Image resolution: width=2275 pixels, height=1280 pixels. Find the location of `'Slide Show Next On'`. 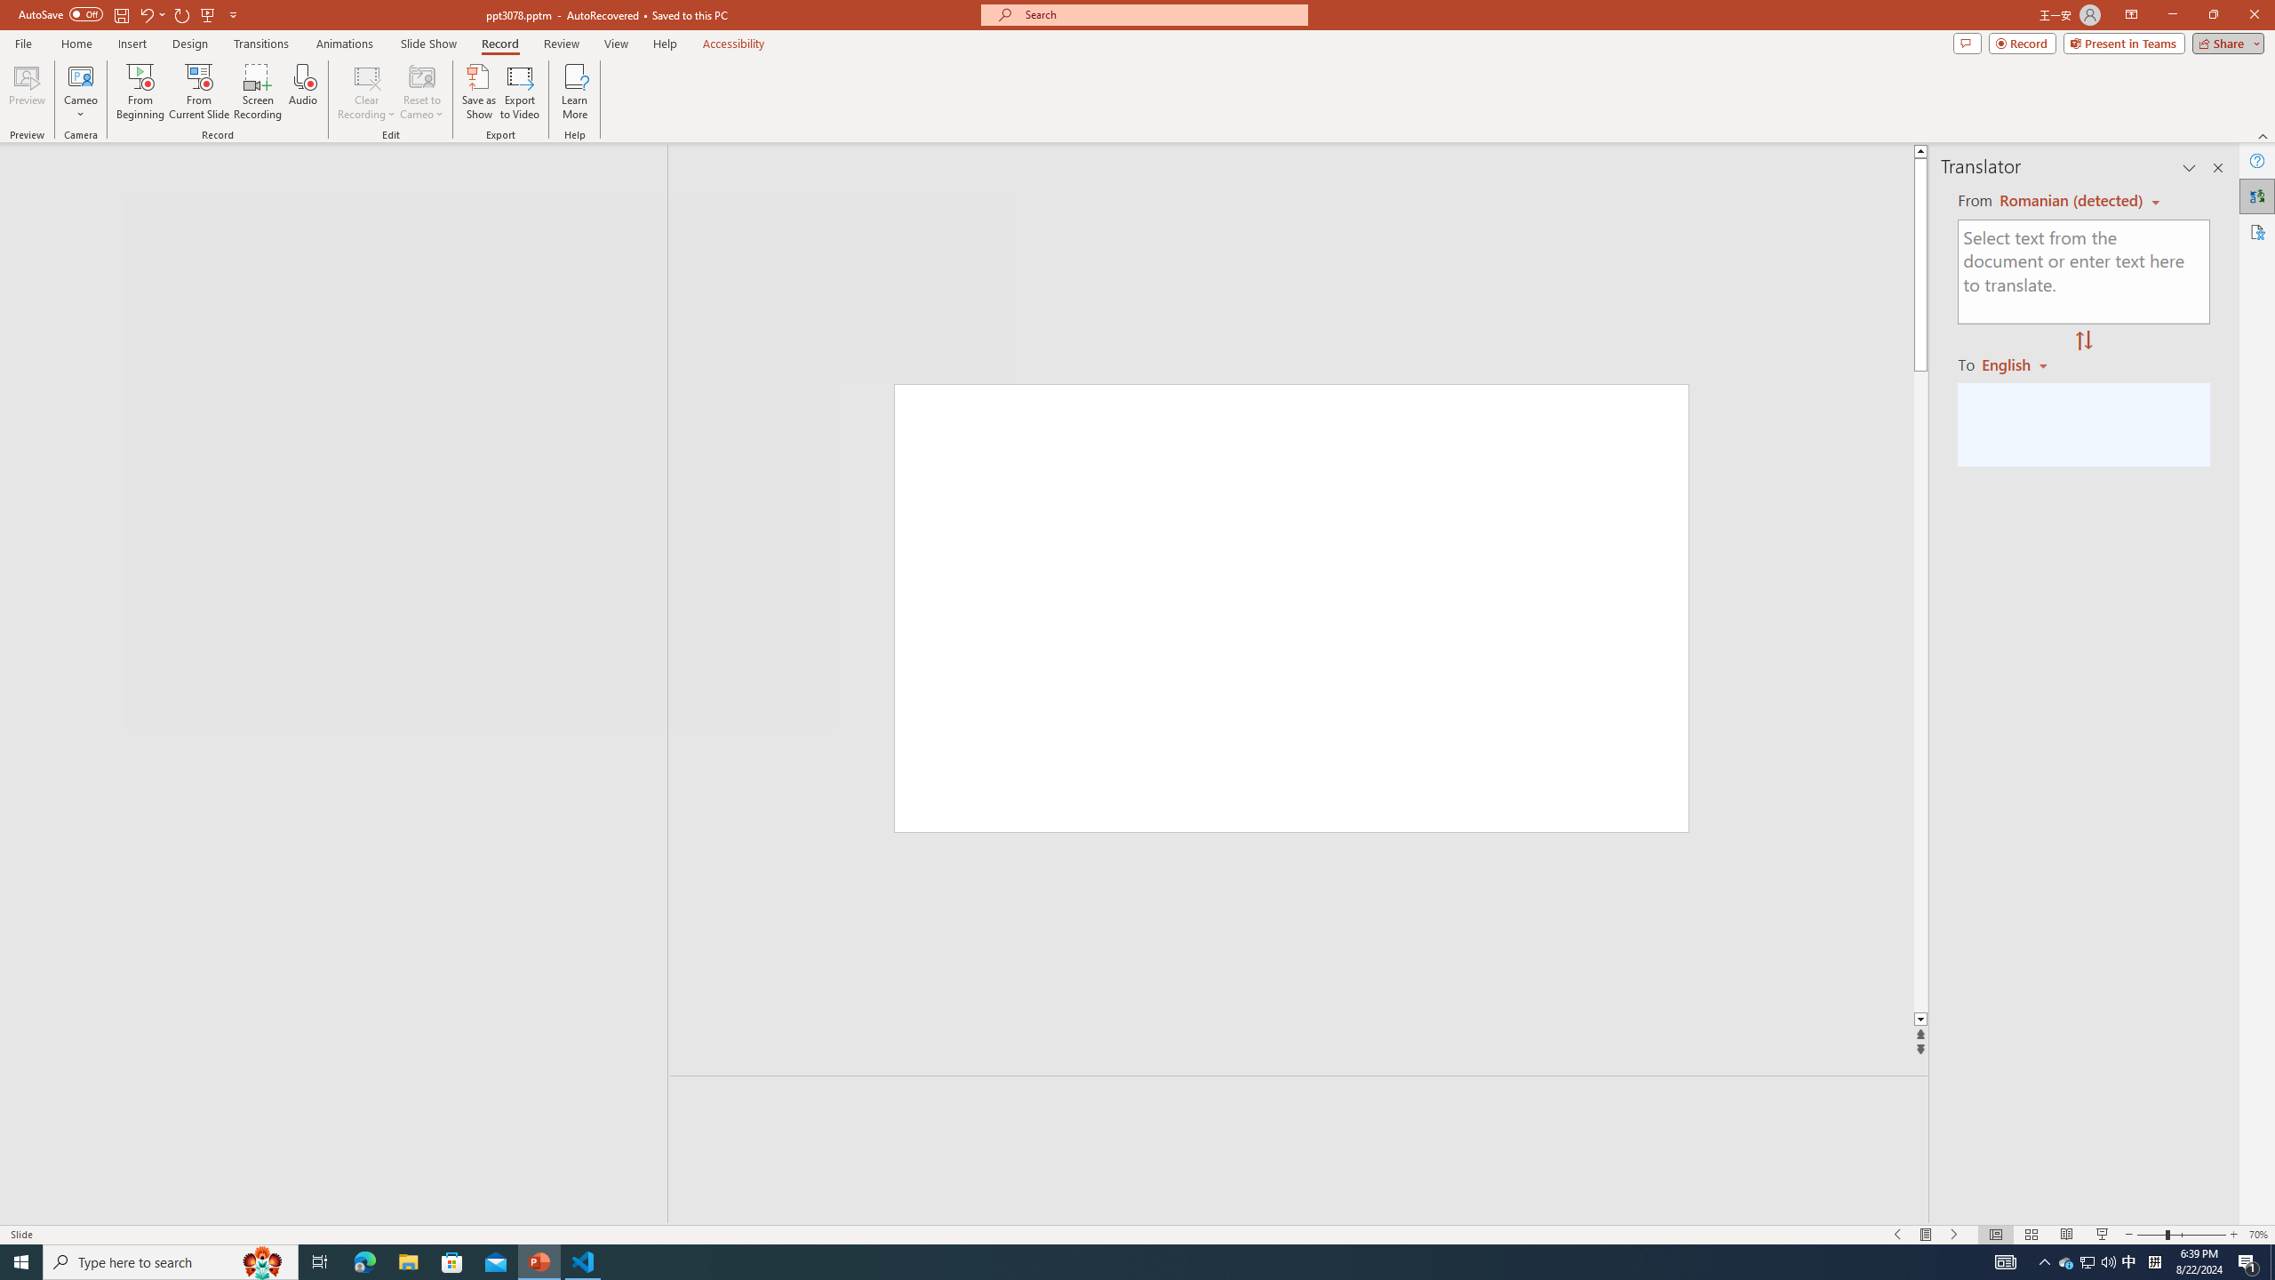

'Slide Show Next On' is located at coordinates (1955, 1235).